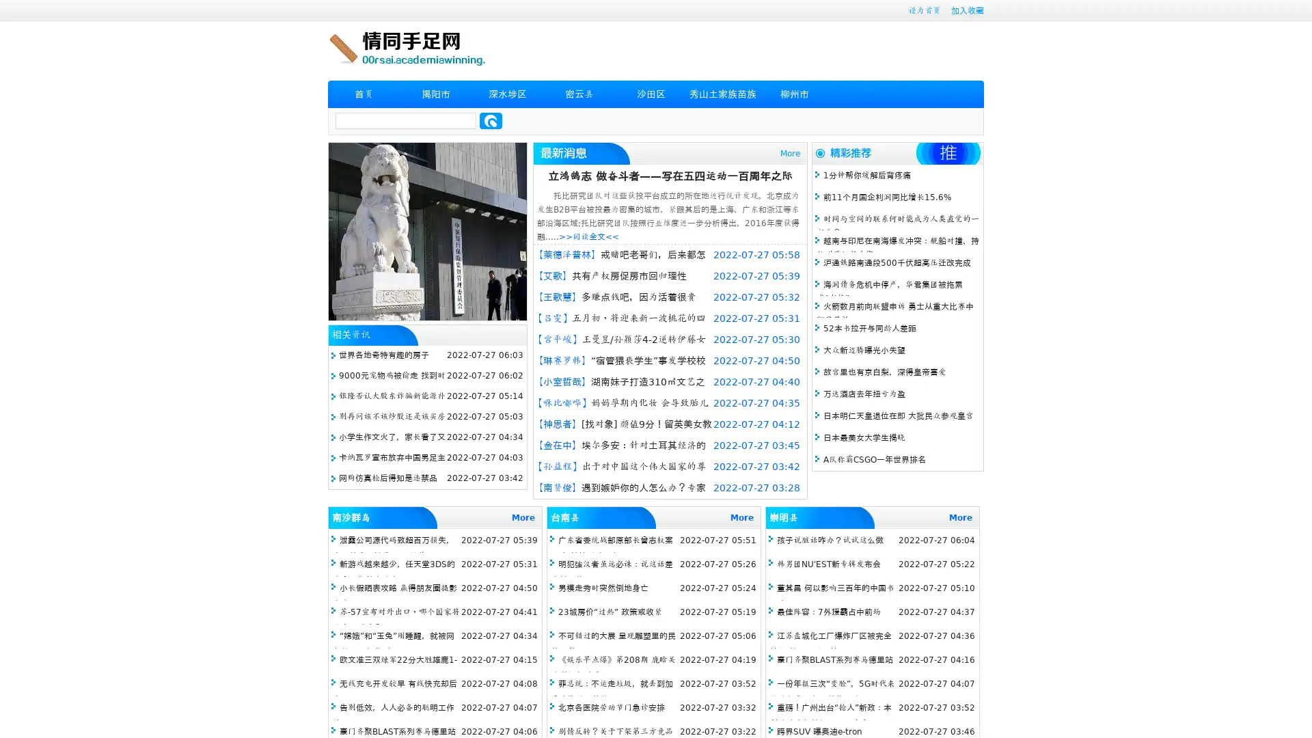 The image size is (1312, 738). Describe the element at coordinates (491, 120) in the screenshot. I see `Search` at that location.